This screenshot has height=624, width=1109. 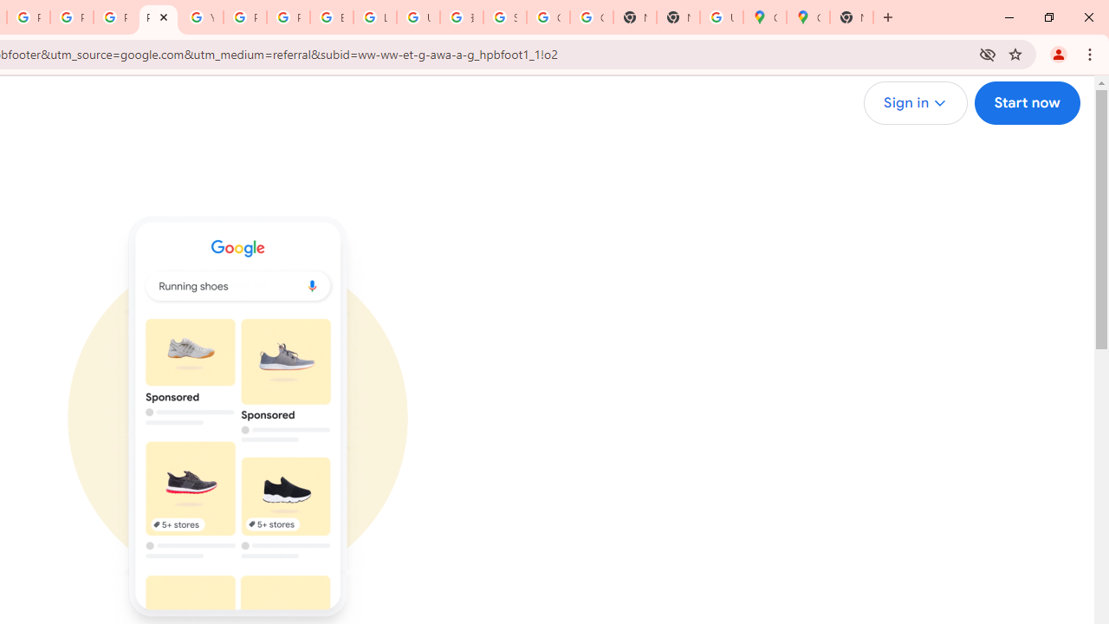 What do you see at coordinates (70, 17) in the screenshot?
I see `'Privacy Help Center - Policies Help'` at bounding box center [70, 17].